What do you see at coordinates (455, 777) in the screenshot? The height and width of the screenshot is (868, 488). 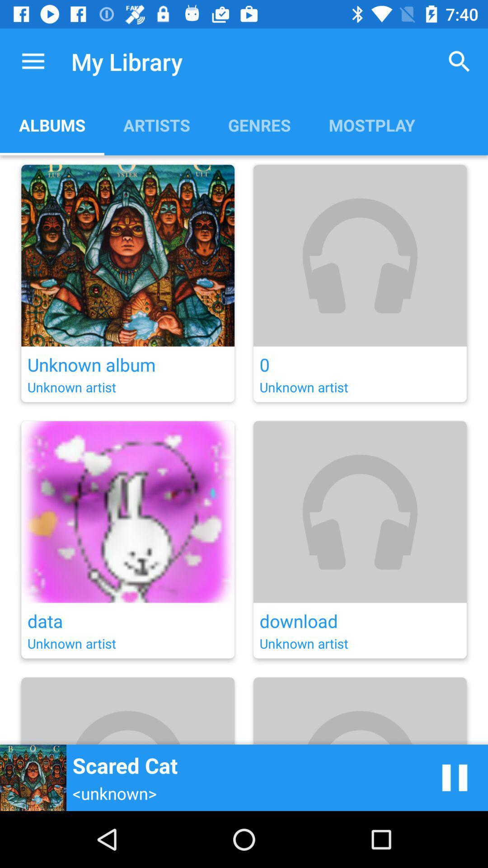 I see `pause music` at bounding box center [455, 777].